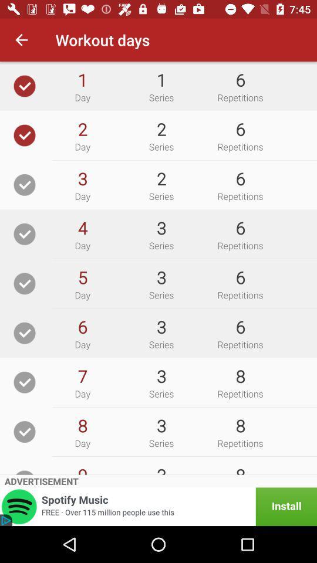 This screenshot has width=317, height=563. What do you see at coordinates (82, 277) in the screenshot?
I see `item to the left of the 3` at bounding box center [82, 277].